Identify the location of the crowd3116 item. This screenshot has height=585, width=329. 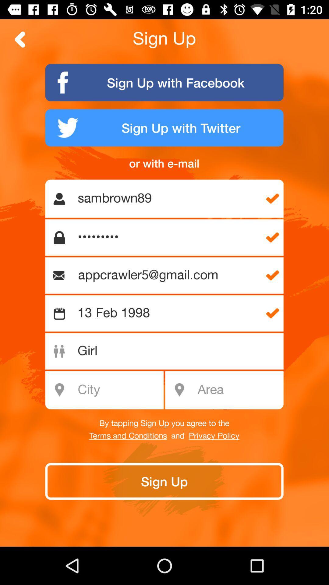
(168, 237).